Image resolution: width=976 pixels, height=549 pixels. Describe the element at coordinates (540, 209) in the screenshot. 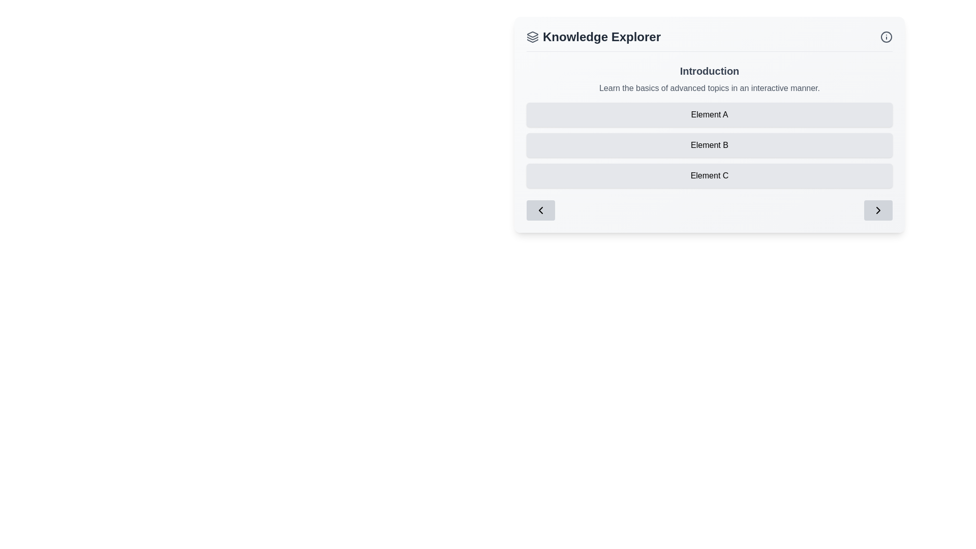

I see `the 'back' icon located at the bottom-left corner of the 'Knowledge Explorer' panel` at that location.